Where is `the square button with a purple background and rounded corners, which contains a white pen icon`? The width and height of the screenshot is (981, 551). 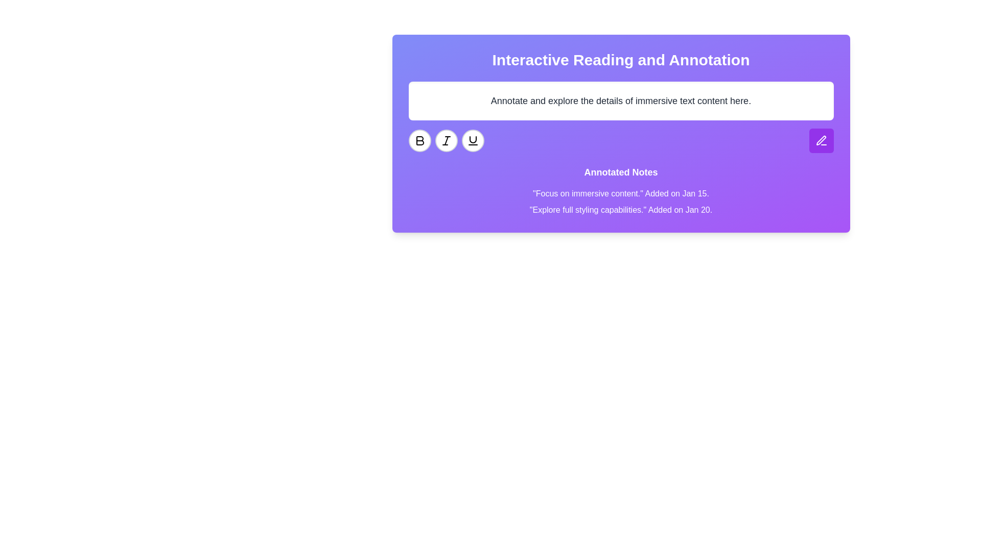
the square button with a purple background and rounded corners, which contains a white pen icon is located at coordinates (821, 141).